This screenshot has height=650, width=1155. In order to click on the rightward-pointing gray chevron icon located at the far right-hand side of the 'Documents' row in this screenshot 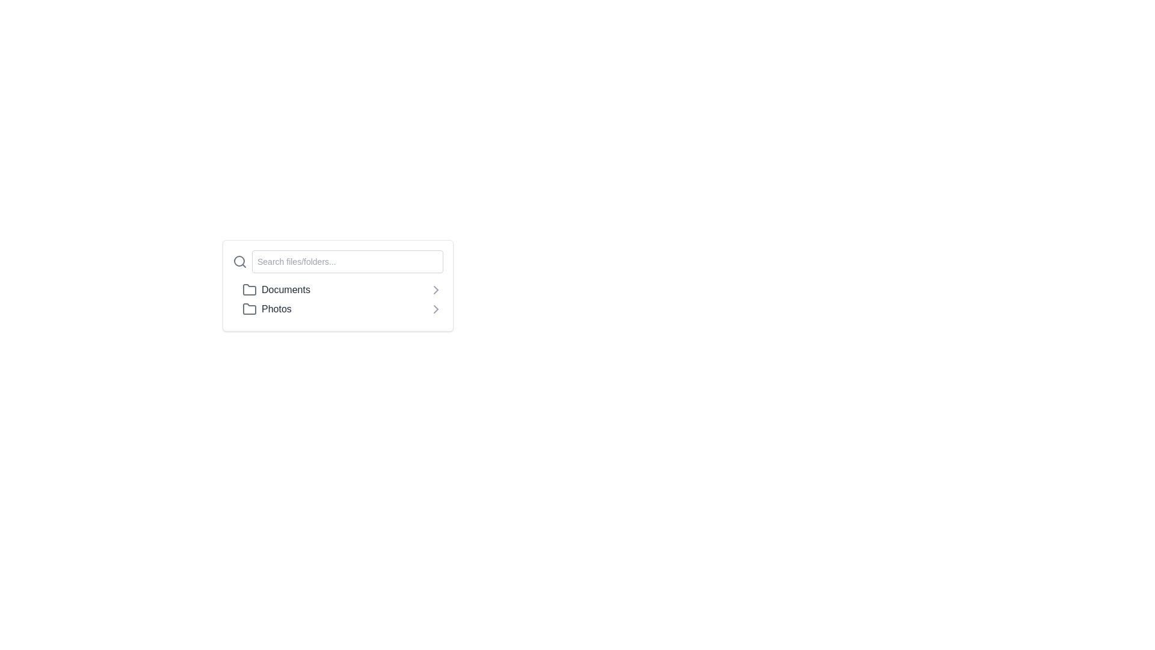, I will do `click(435, 290)`.